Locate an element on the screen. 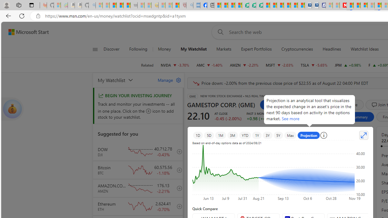 The width and height of the screenshot is (388, 218). 'Discover' is located at coordinates (112, 49).